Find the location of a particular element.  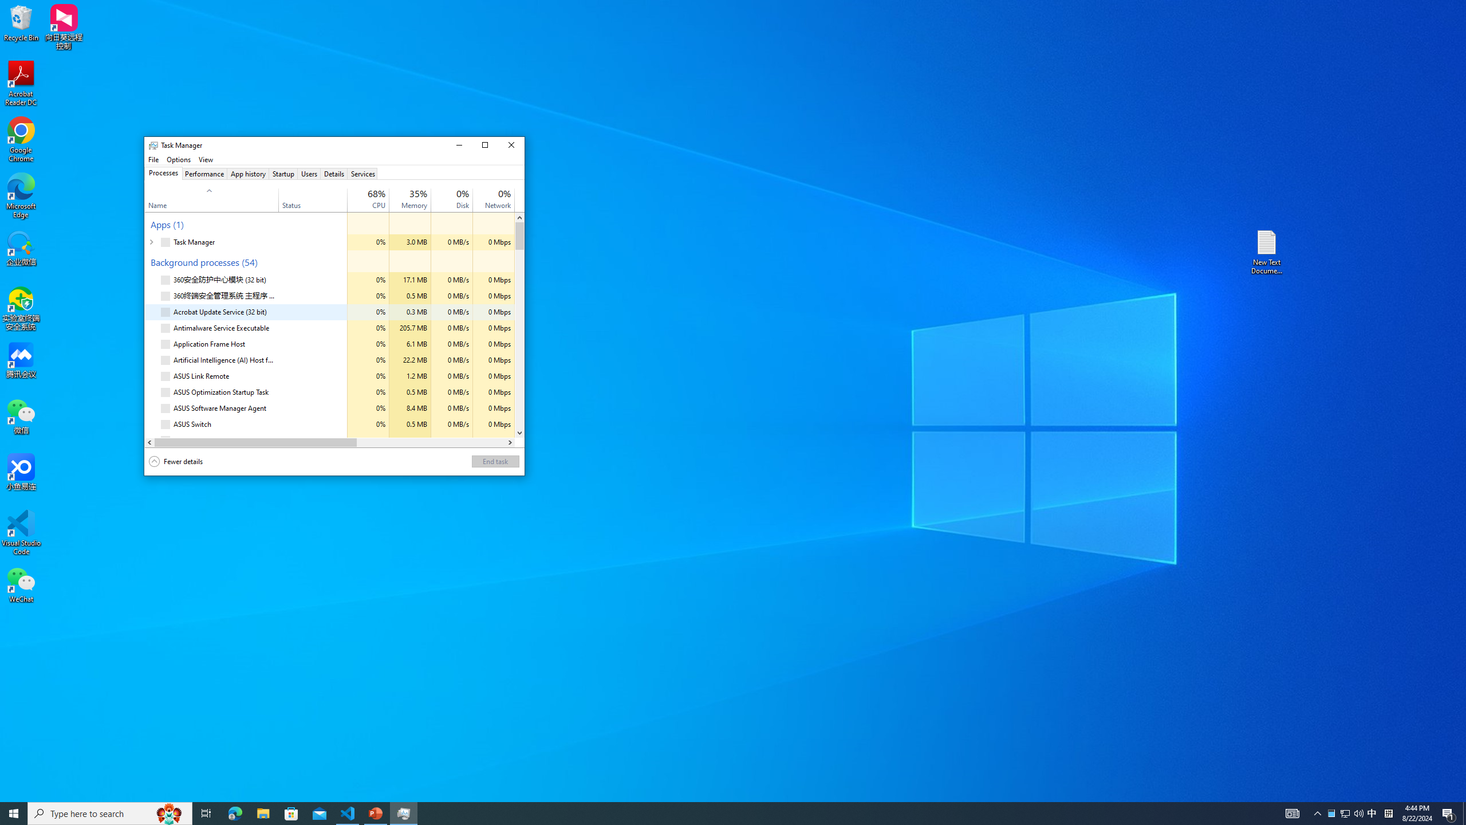

'App history' is located at coordinates (247, 173).